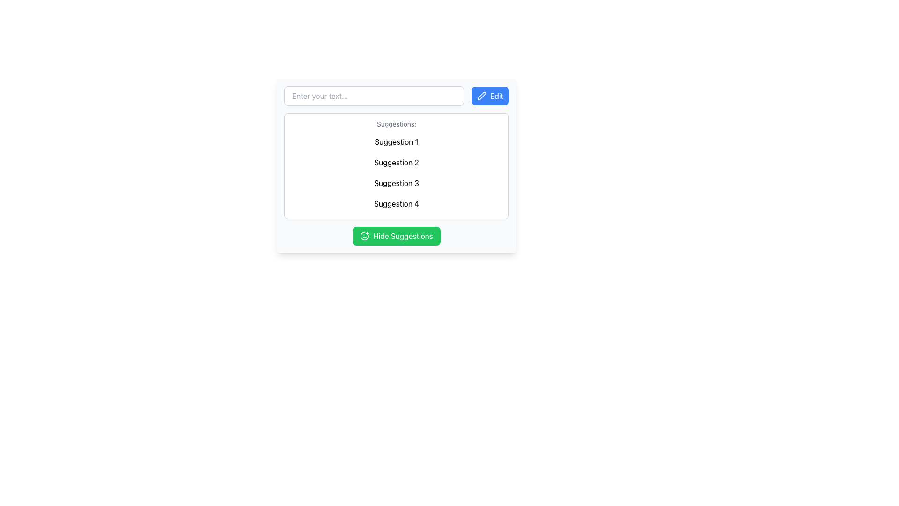  I want to click on the 'Edit' text label styled within a blue button, which features white text and is accompanied by a pencil icon, located in the top-right corner of the interface, so click(496, 96).